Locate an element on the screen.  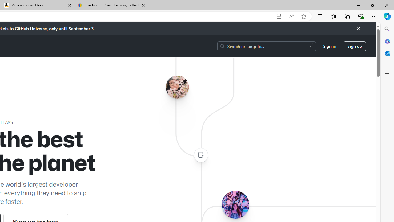
'Sign in' is located at coordinates (329, 46).